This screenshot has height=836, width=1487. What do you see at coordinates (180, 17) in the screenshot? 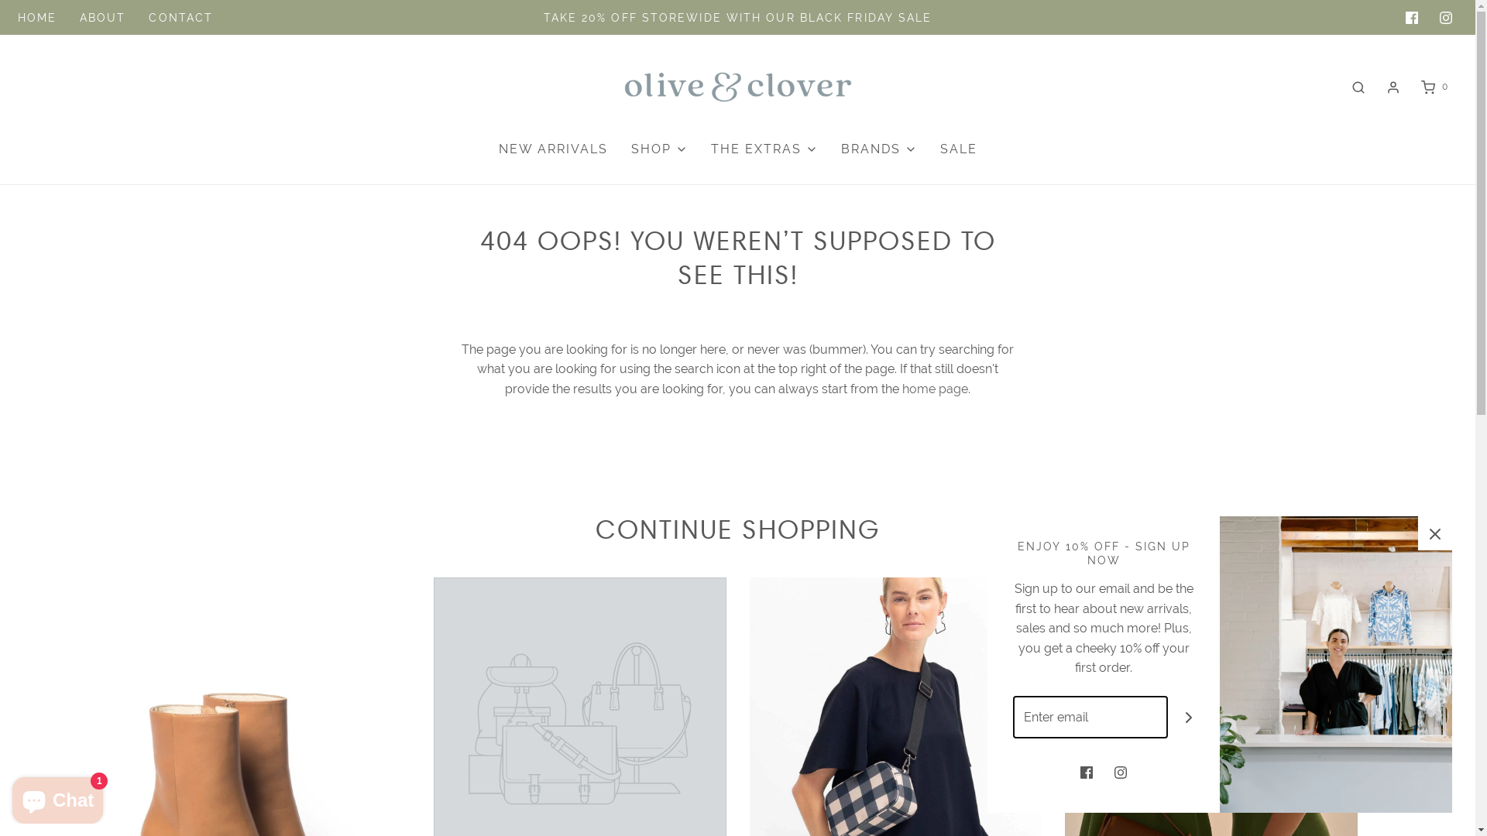
I see `'CONTACT'` at bounding box center [180, 17].